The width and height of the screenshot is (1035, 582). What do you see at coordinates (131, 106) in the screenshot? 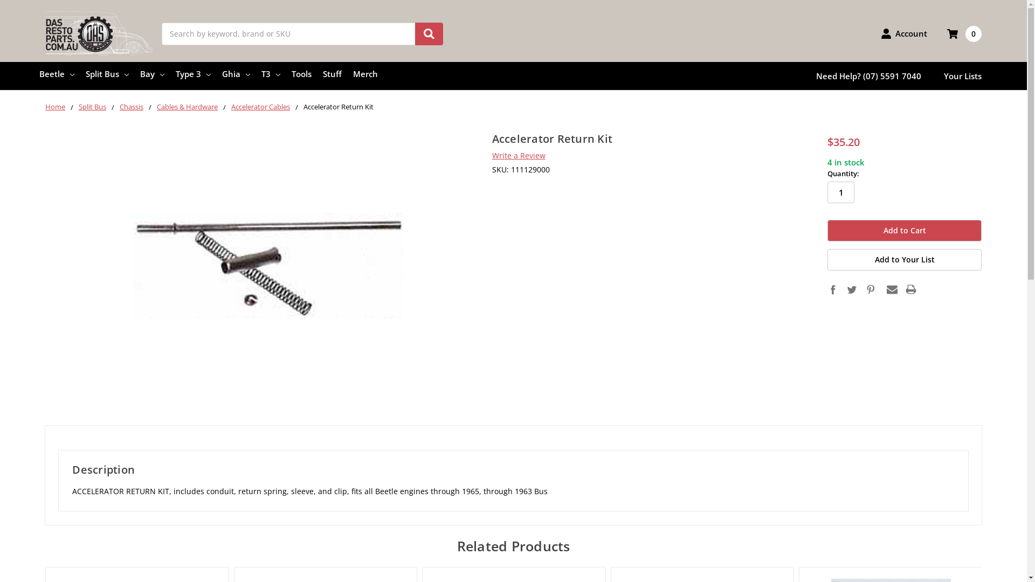
I see `'Chassis'` at bounding box center [131, 106].